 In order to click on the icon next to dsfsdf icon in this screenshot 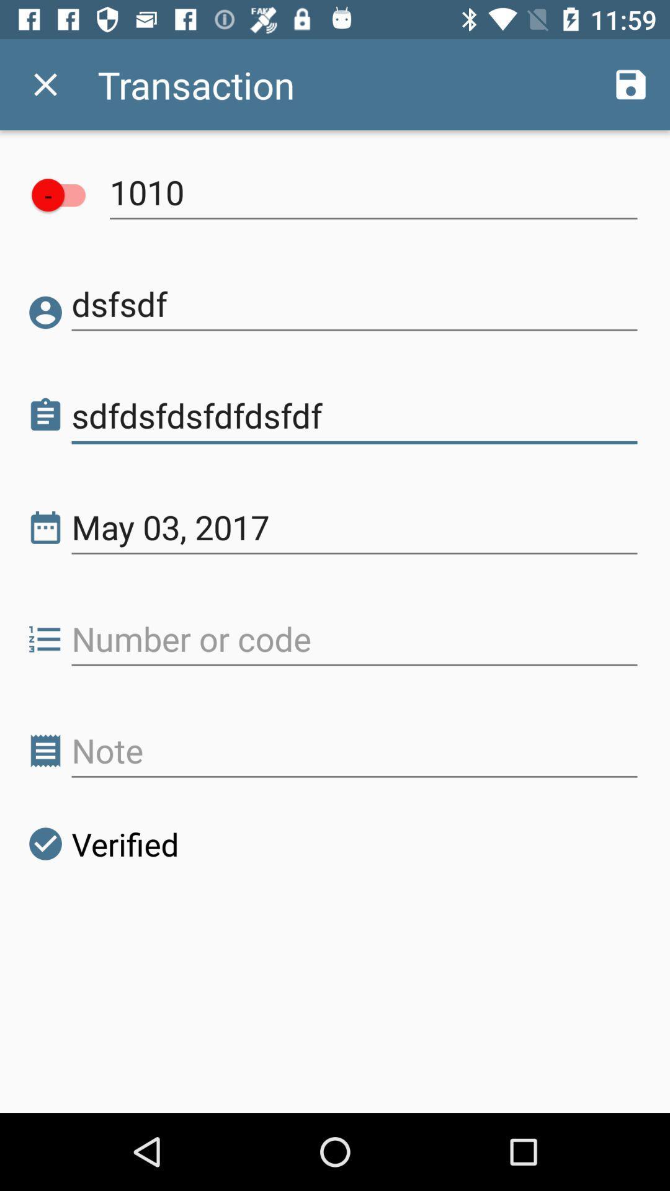, I will do `click(45, 312)`.